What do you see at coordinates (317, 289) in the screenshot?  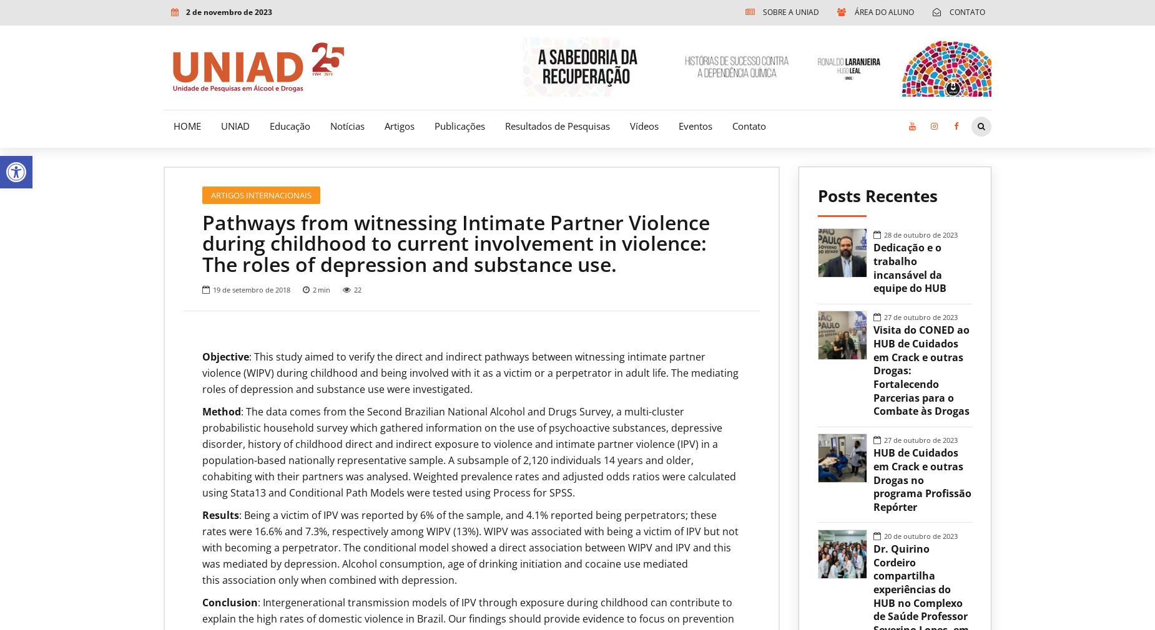 I see `'min'` at bounding box center [317, 289].